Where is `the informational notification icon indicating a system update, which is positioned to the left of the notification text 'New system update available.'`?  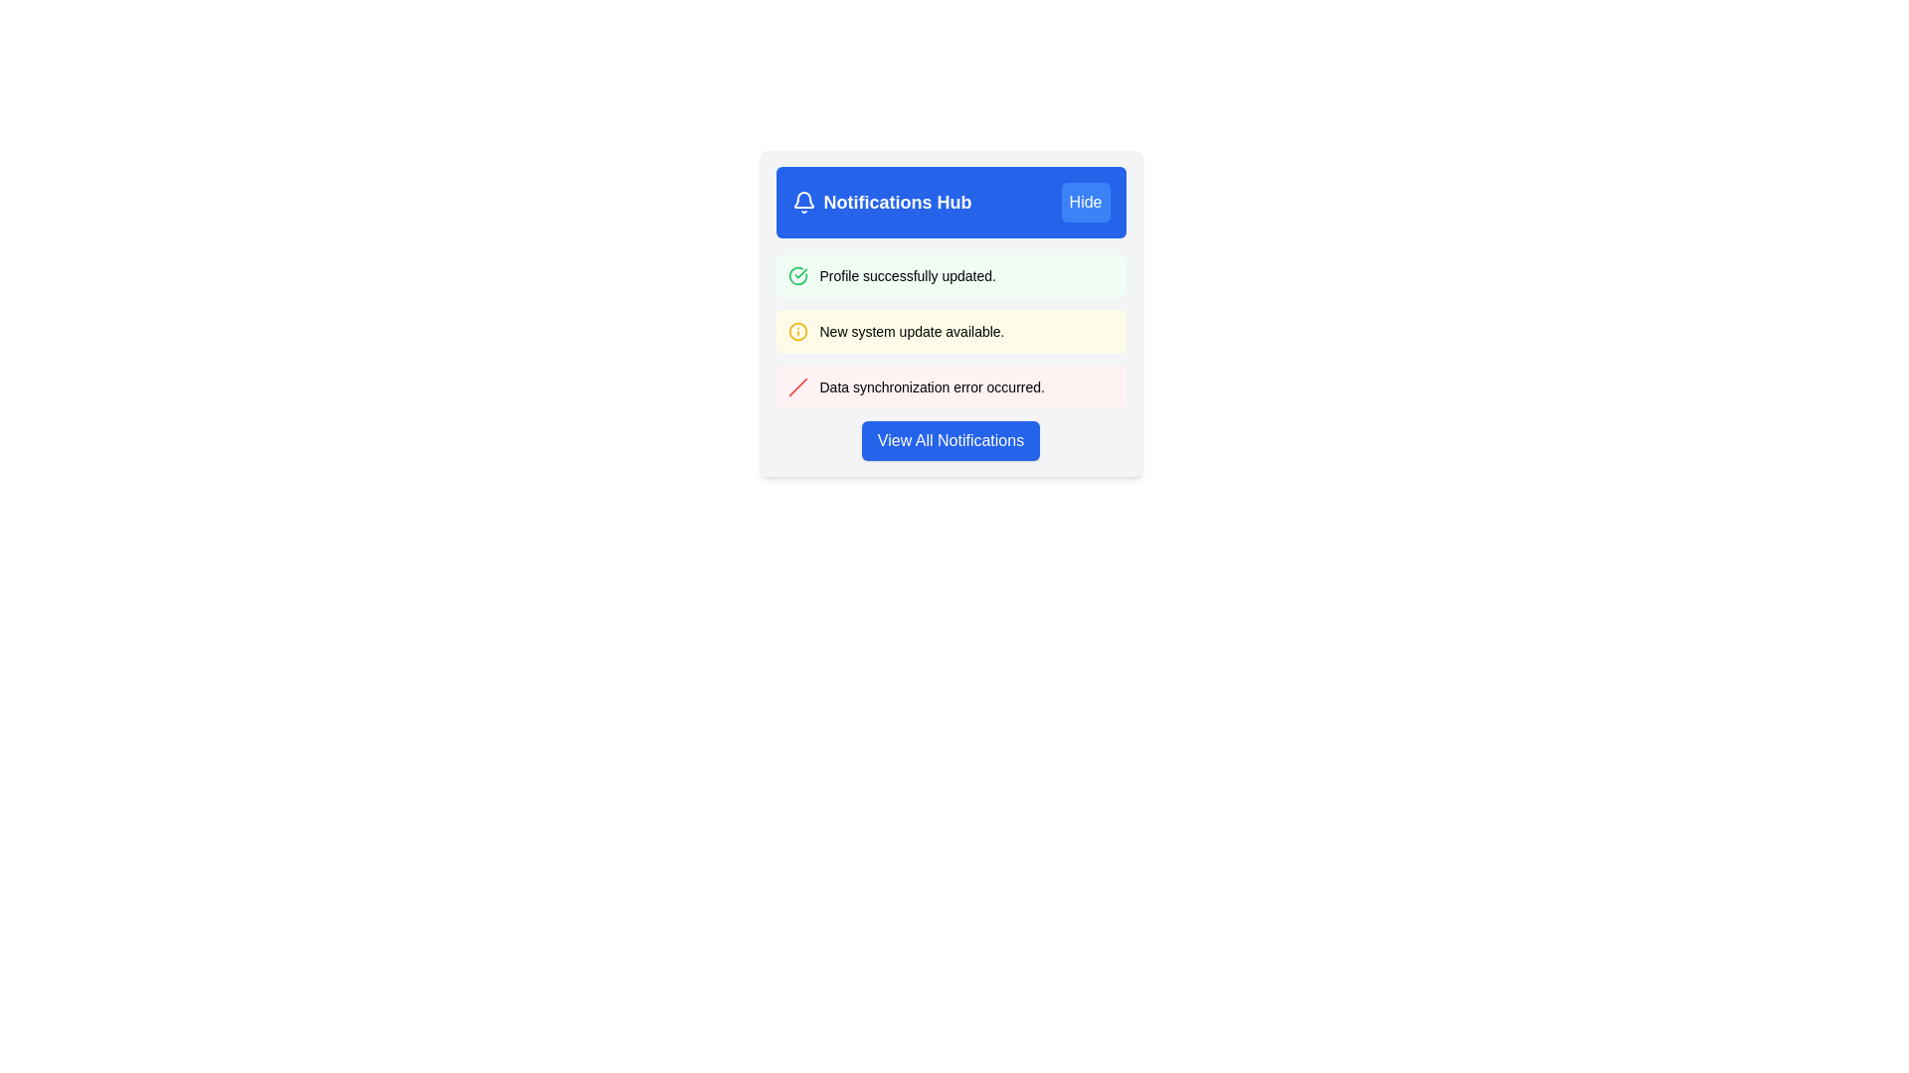 the informational notification icon indicating a system update, which is positioned to the left of the notification text 'New system update available.' is located at coordinates (797, 331).